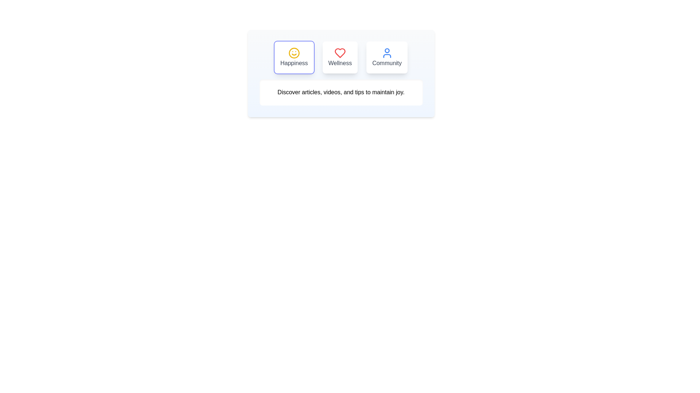 The image size is (700, 393). I want to click on the tab labeled Wellness to observe its hover effect, so click(339, 57).